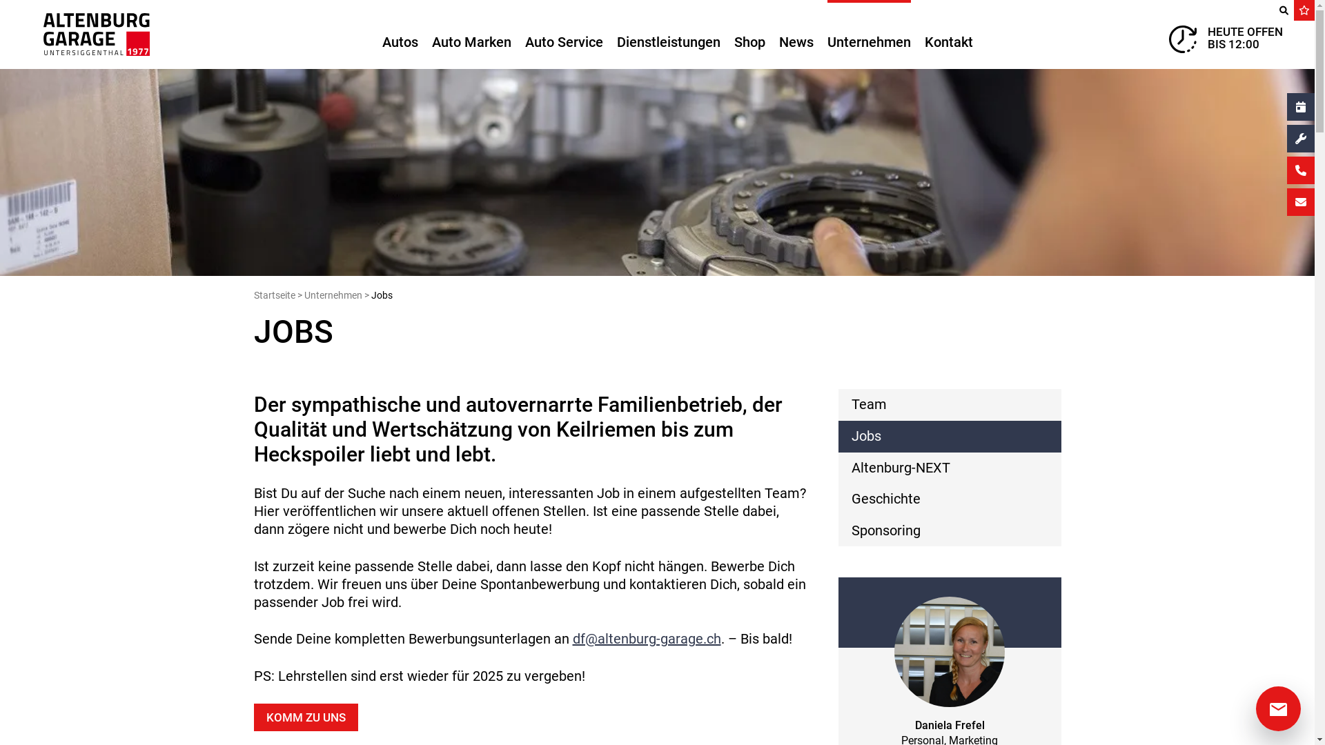  What do you see at coordinates (305, 717) in the screenshot?
I see `'KOMM ZU UNS'` at bounding box center [305, 717].